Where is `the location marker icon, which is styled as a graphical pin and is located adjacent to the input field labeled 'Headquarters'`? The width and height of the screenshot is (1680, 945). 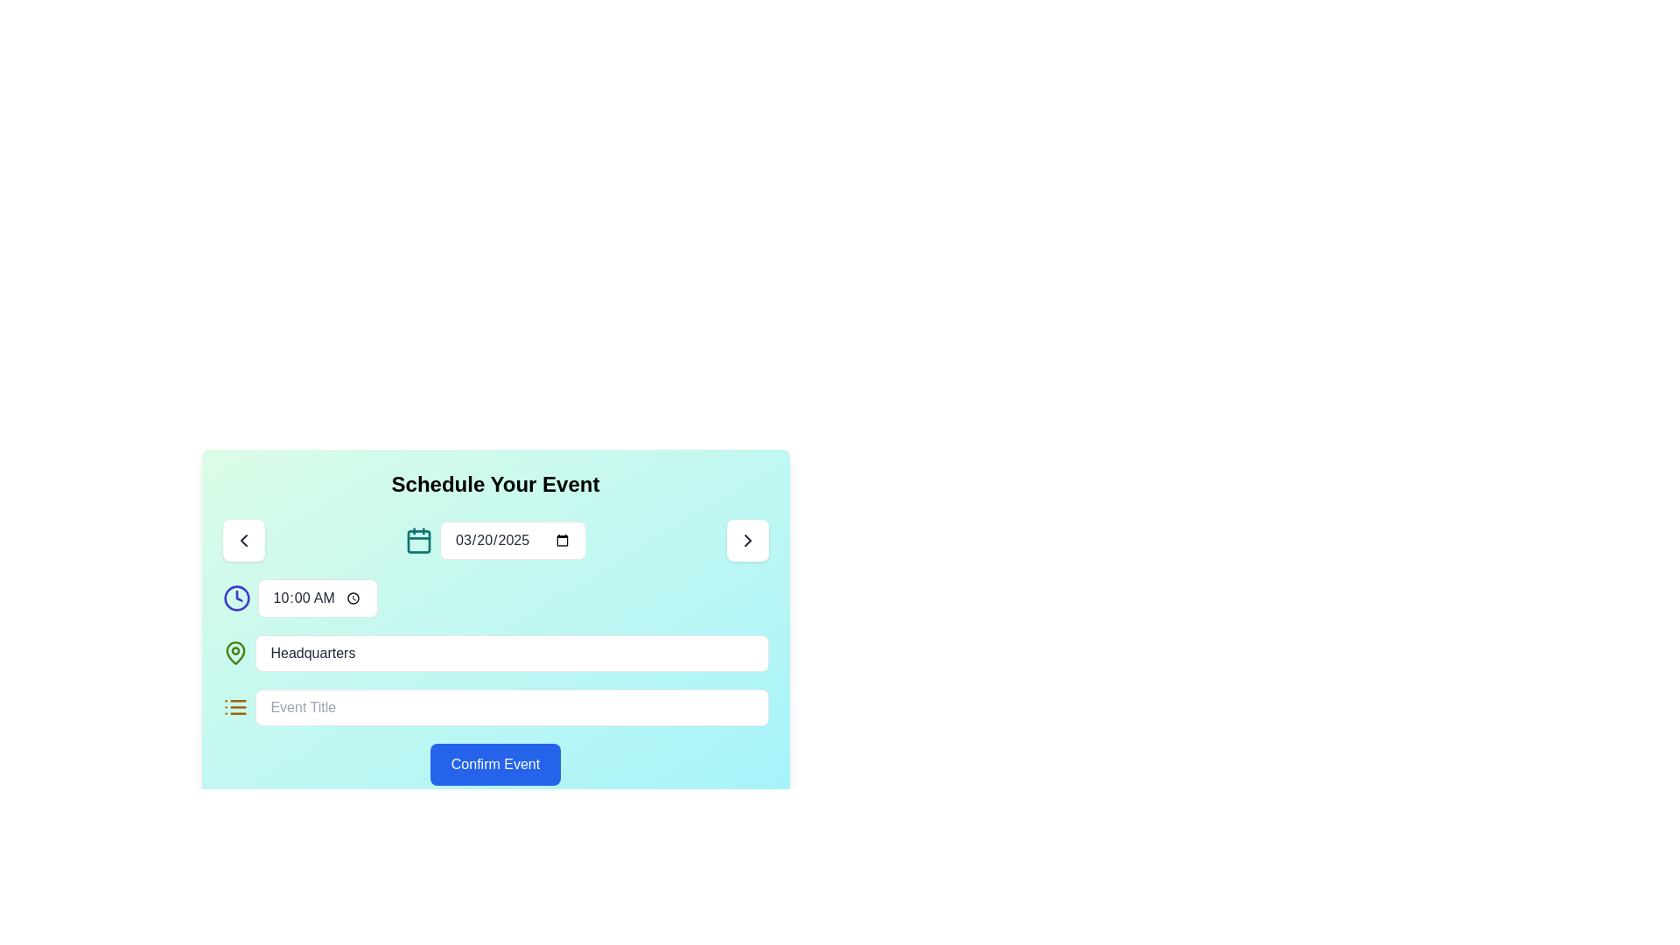
the location marker icon, which is styled as a graphical pin and is located adjacent to the input field labeled 'Headquarters' is located at coordinates (234, 654).